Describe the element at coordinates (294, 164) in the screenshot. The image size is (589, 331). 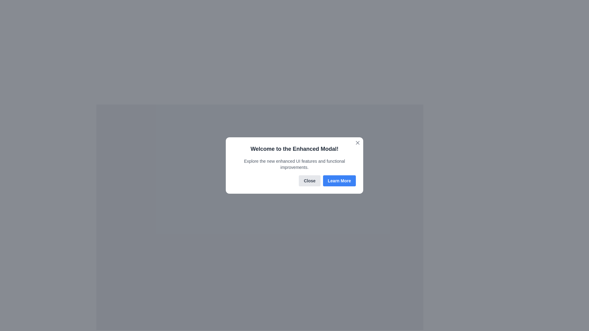
I see `text block containing the sentence 'Explore the new enhanced UI features and functional improvements.' which is styled with a small font size and gray color, located below the 'Welcome to the Enhanced Modal!' text` at that location.